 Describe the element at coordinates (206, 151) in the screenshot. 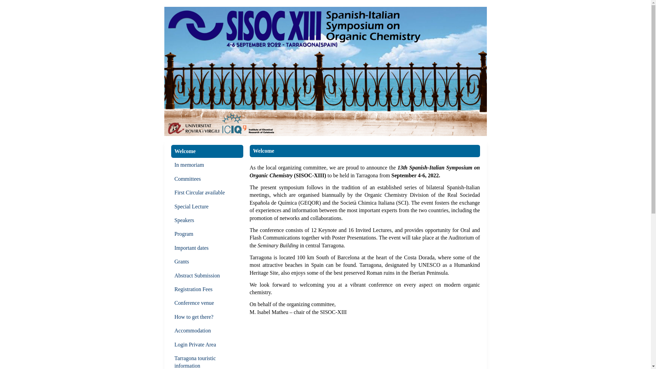

I see `'Welcome'` at that location.